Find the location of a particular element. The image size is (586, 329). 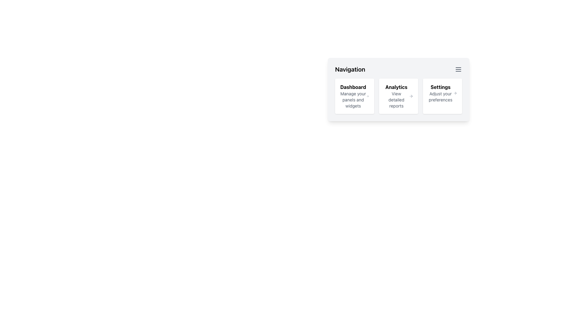

the 'Settings' Navigation Card, which features bold text and is located in the third position of the horizontal list under the 'Navigation' section is located at coordinates (440, 93).